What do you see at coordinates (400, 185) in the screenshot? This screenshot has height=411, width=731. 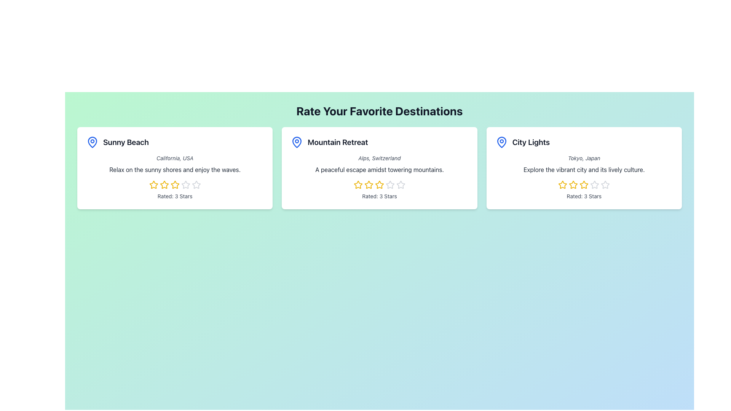 I see `the rightmost star-shaped icon in the rating section of the 'Mountain Retreat' card` at bounding box center [400, 185].